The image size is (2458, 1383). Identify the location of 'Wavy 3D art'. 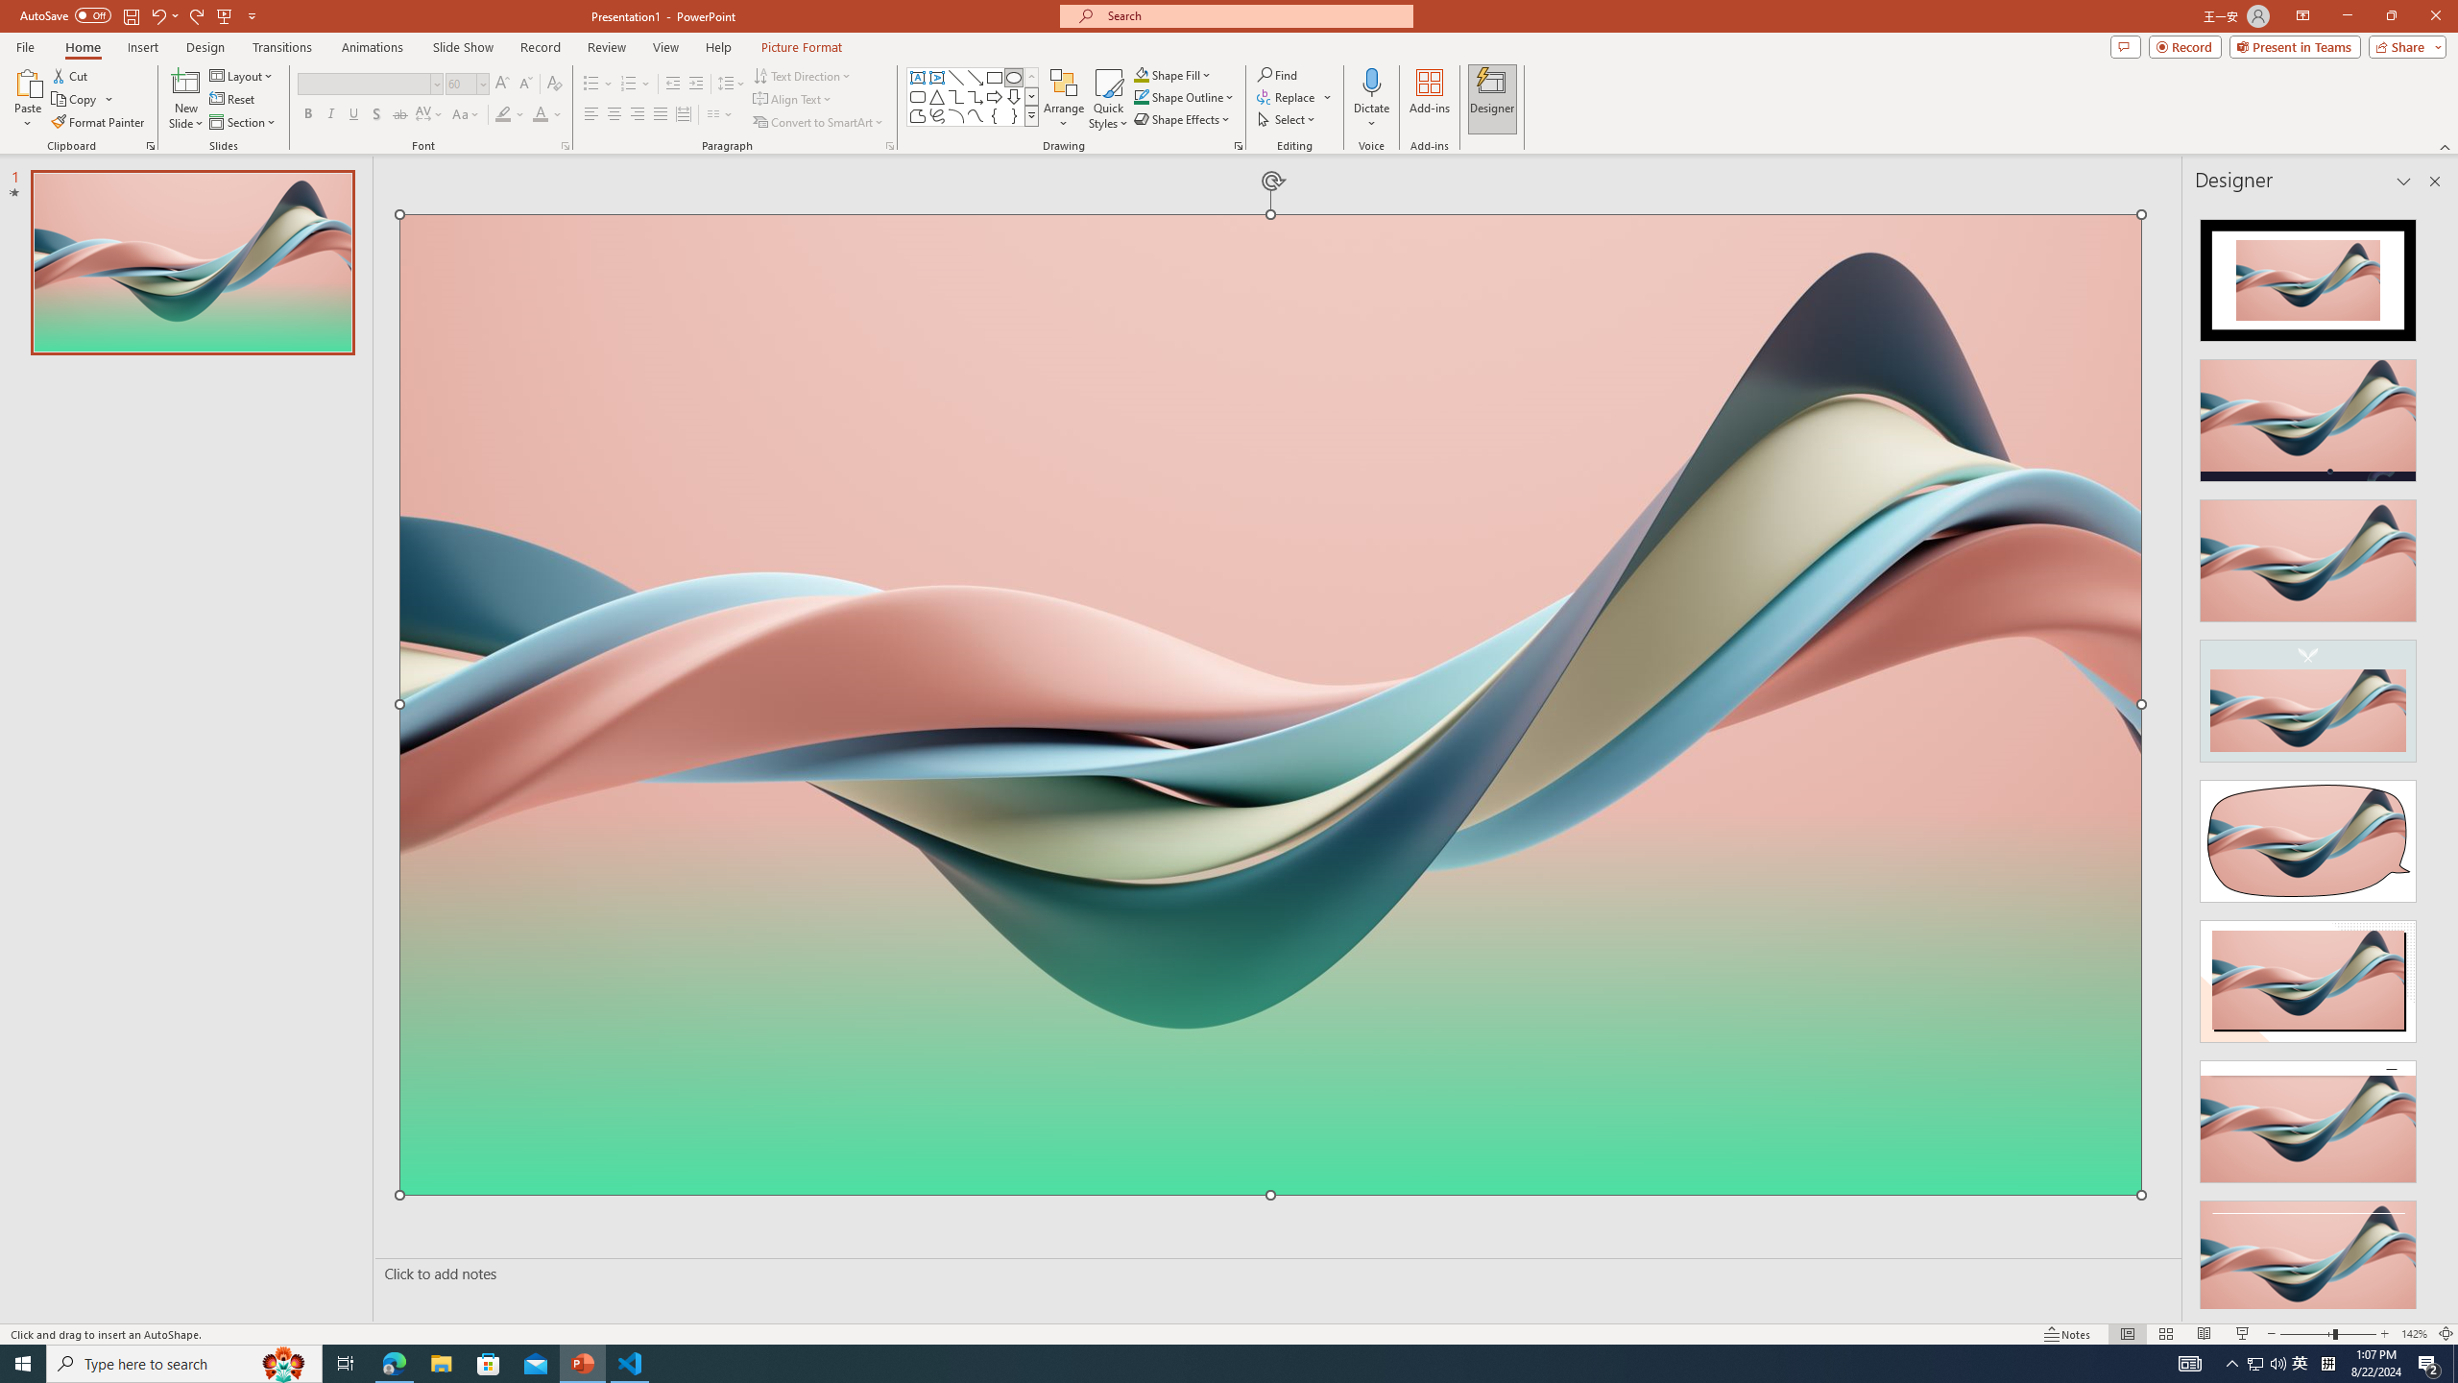
(1269, 705).